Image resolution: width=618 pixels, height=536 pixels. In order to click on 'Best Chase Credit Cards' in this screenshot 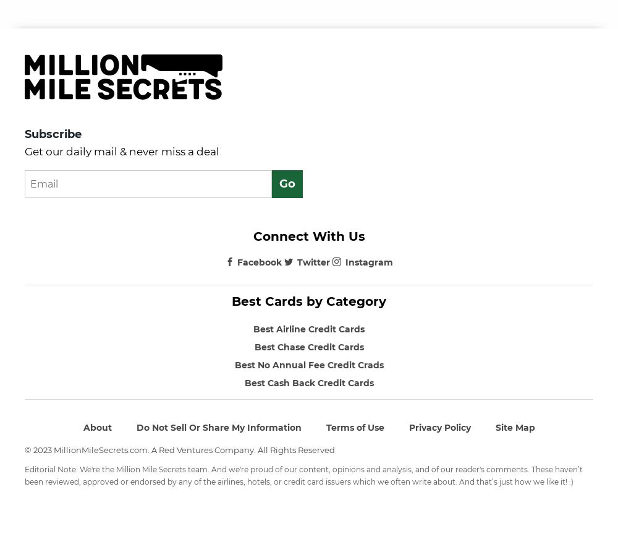, I will do `click(308, 347)`.